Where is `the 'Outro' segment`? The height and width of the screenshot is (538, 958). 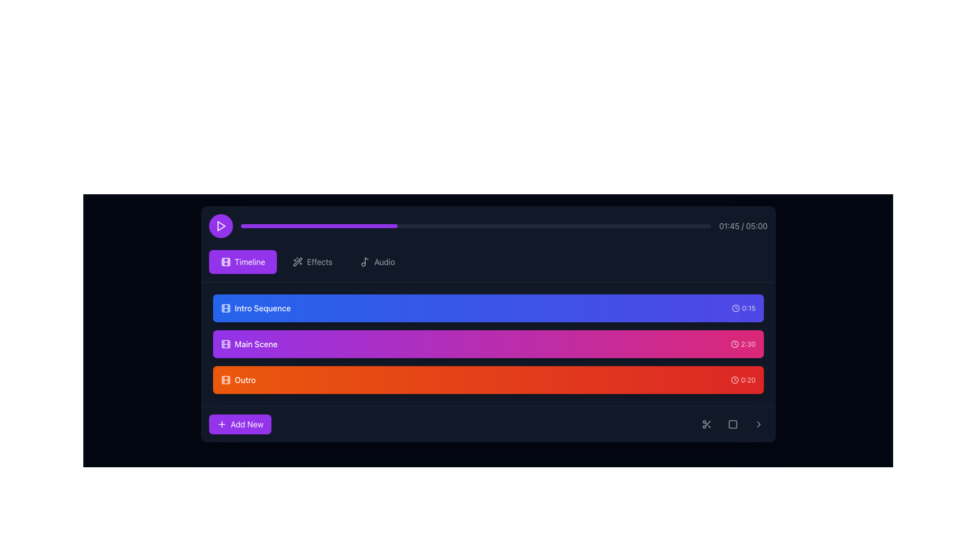 the 'Outro' segment is located at coordinates (488, 380).